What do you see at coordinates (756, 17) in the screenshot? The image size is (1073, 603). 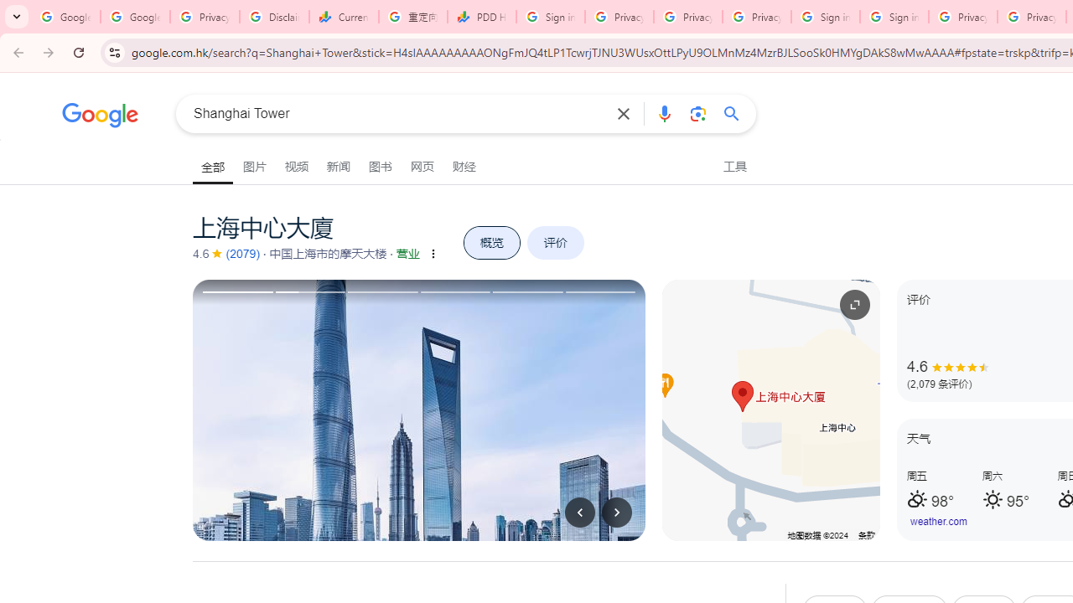 I see `'Privacy Checkup'` at bounding box center [756, 17].